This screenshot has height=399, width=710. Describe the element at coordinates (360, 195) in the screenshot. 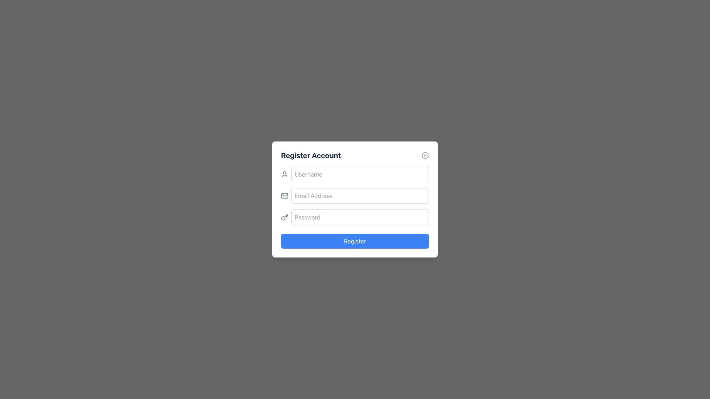

I see `the email input field located under the 'Register Account' title, specifically` at that location.